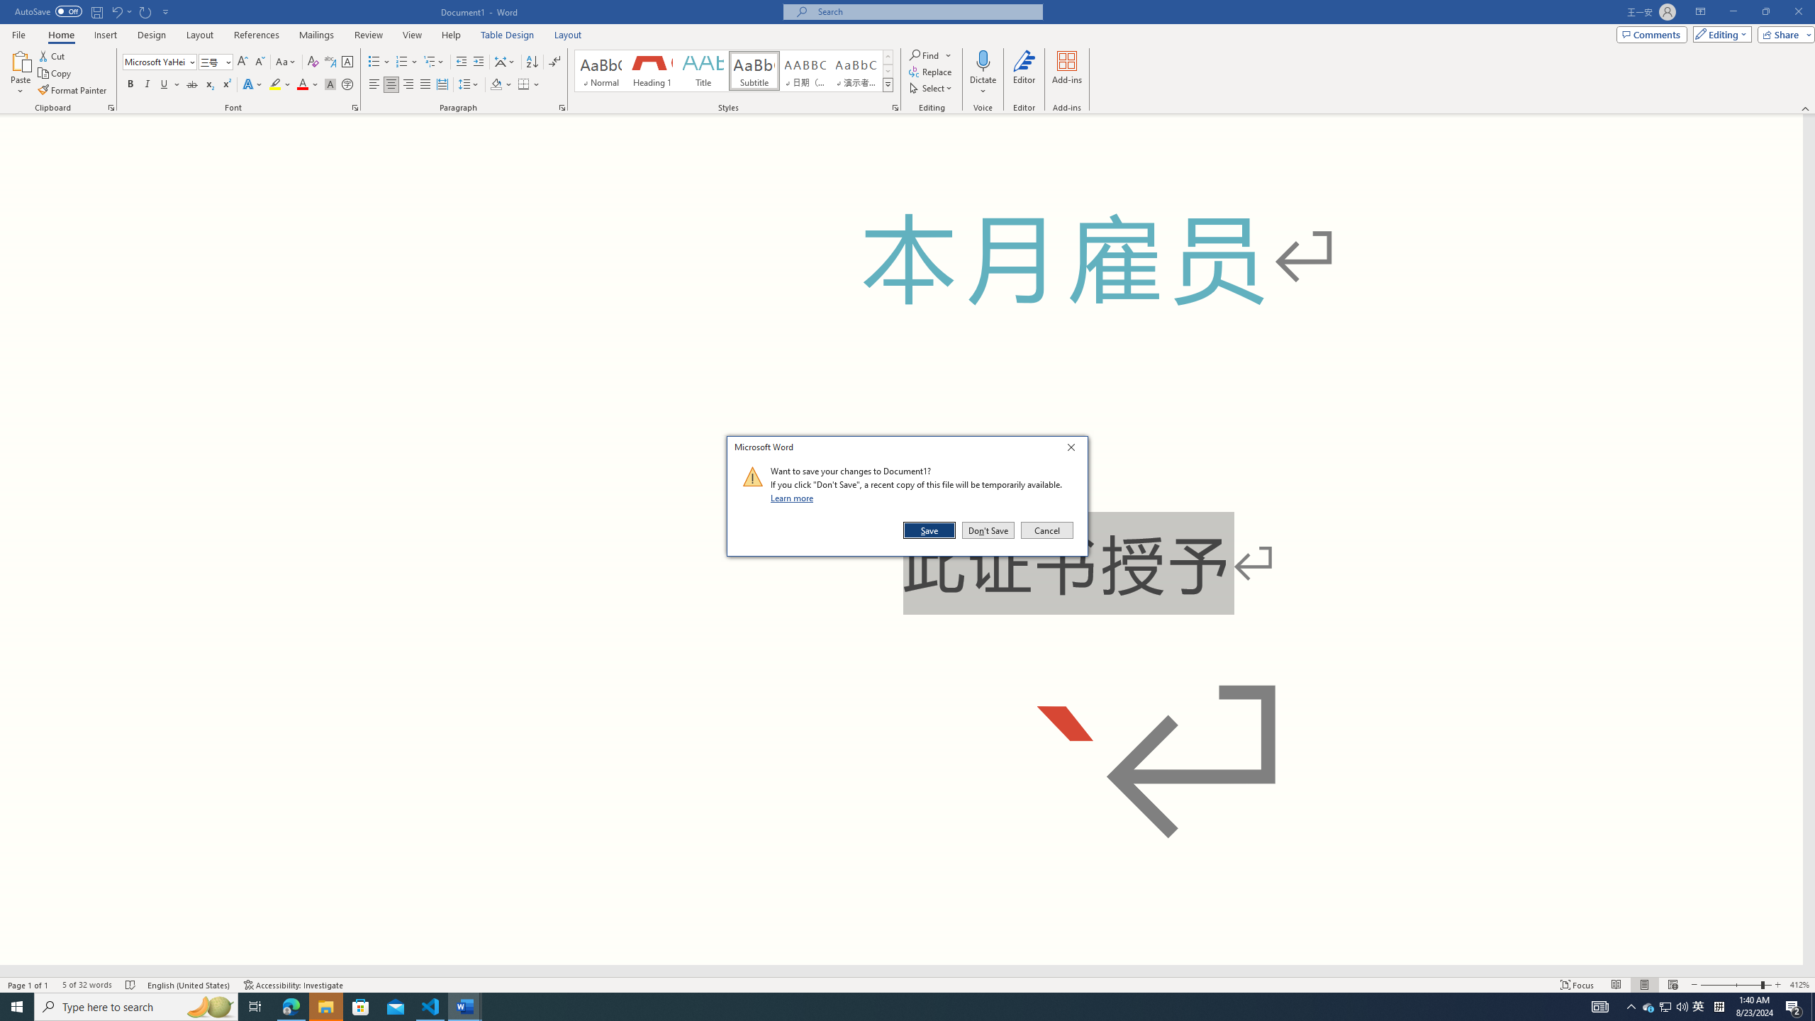 This screenshot has height=1021, width=1815. I want to click on 'Cancel', so click(1046, 530).